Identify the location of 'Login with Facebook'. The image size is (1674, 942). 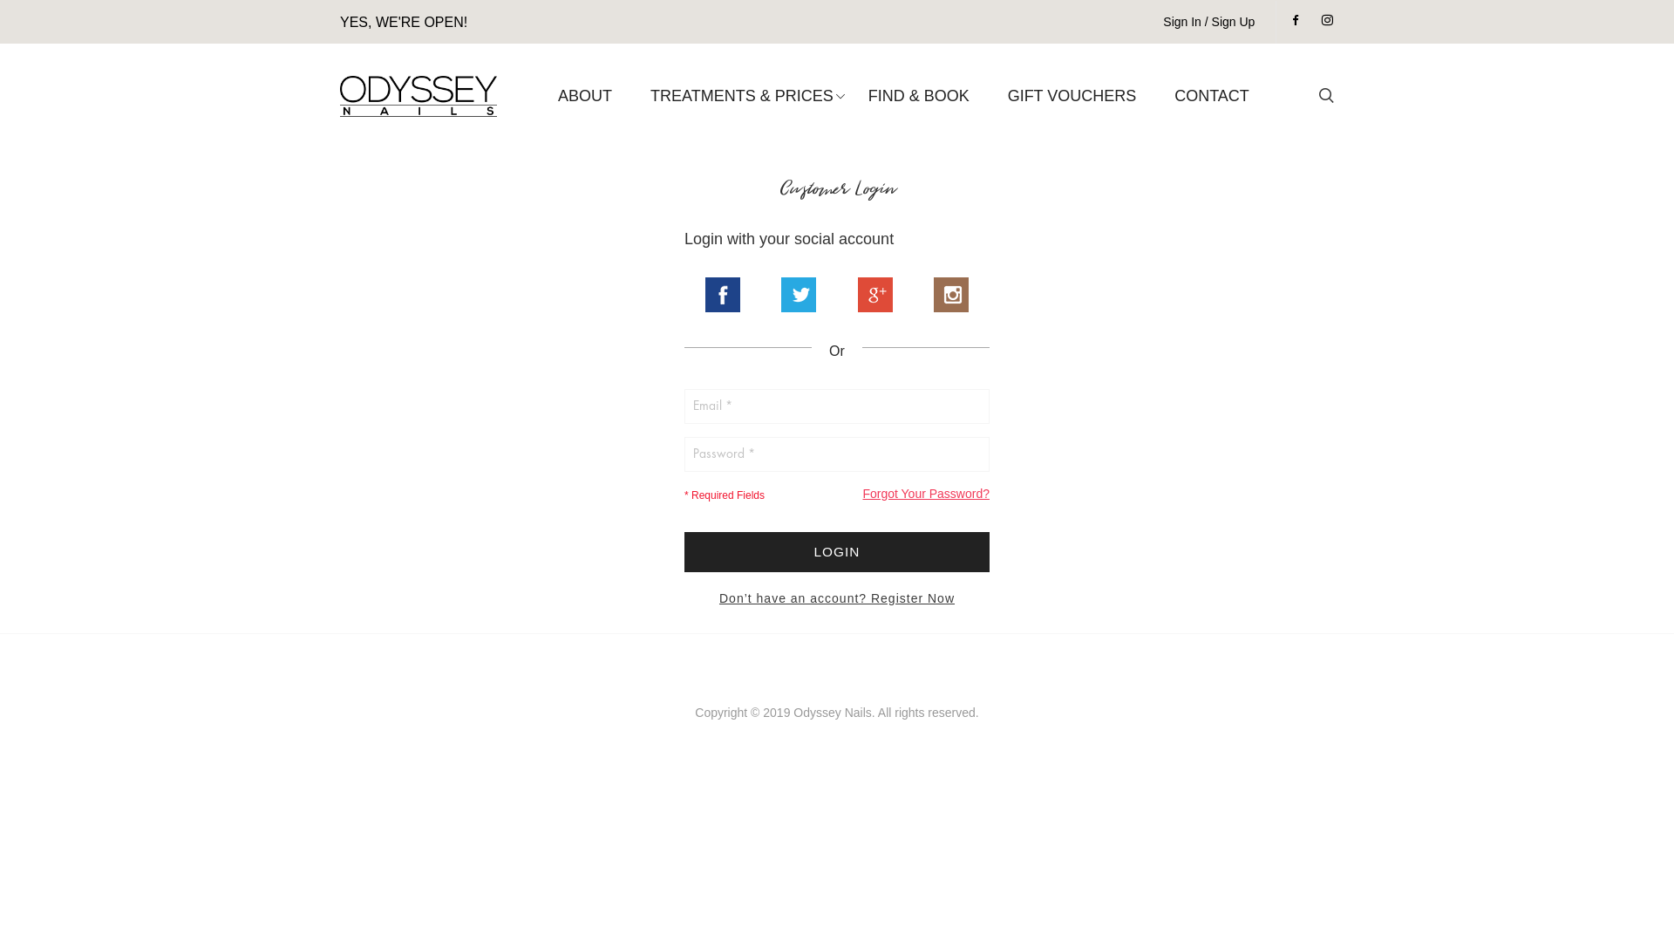
(723, 294).